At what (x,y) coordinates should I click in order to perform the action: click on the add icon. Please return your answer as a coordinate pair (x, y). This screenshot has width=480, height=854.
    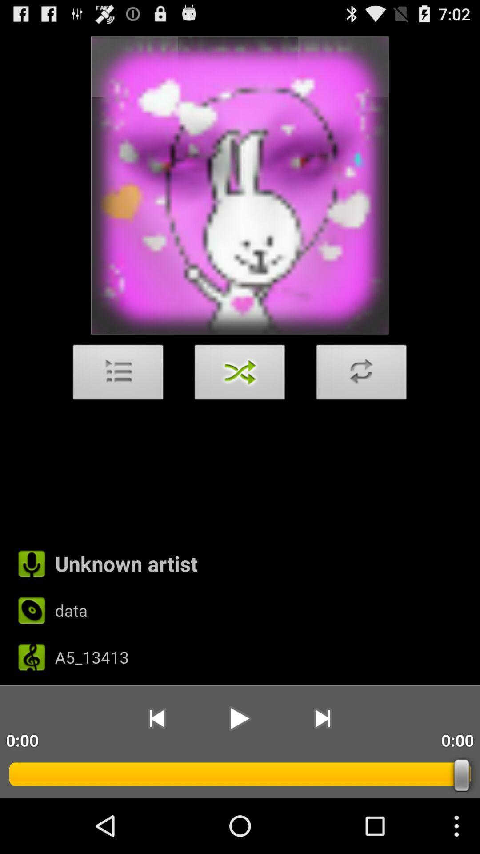
    Looking at the image, I should click on (361, 400).